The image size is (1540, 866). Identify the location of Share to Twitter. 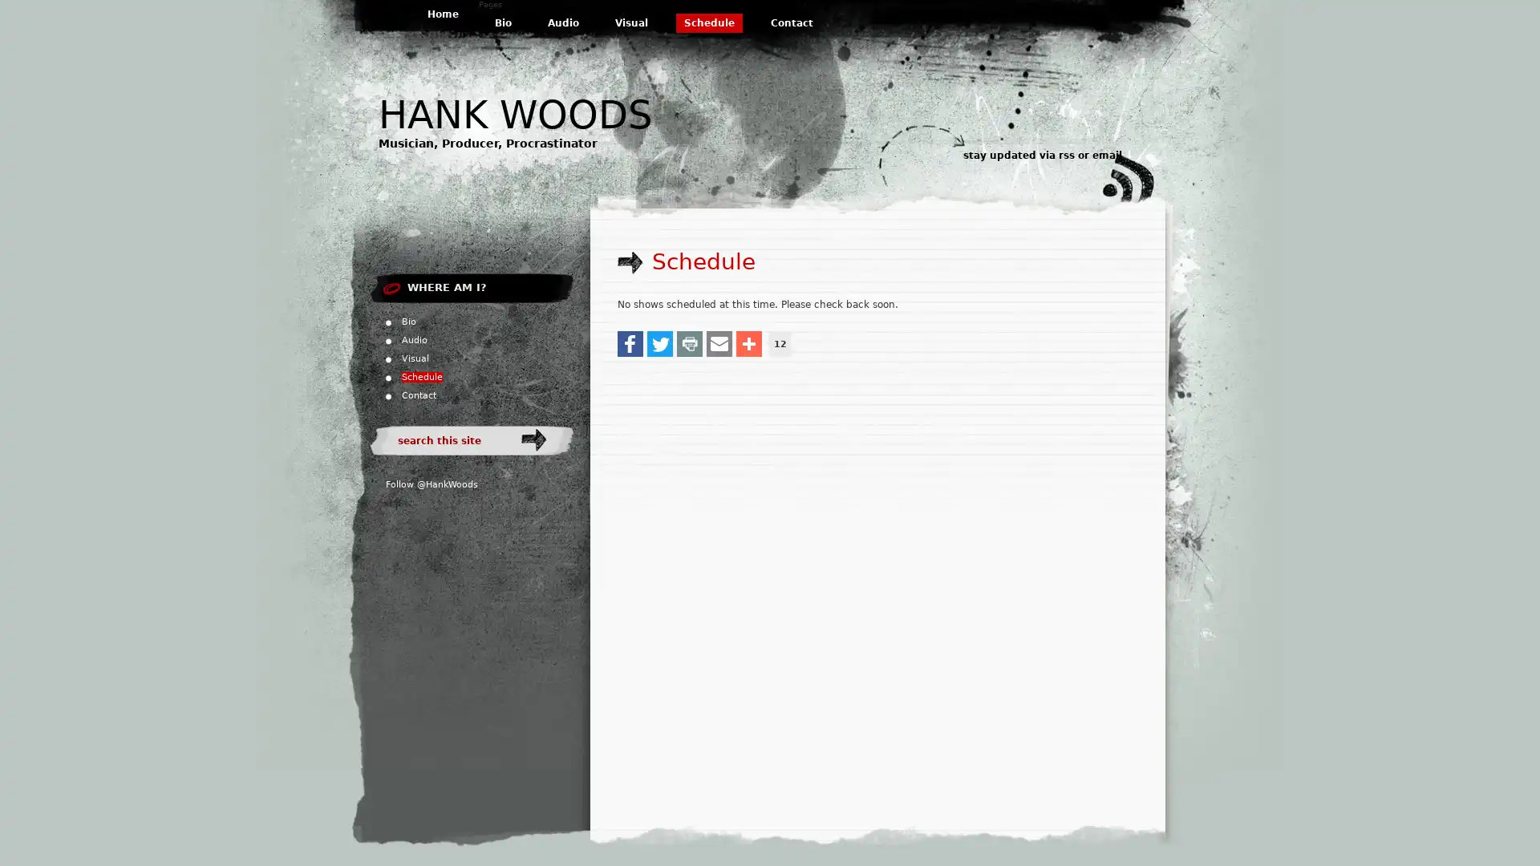
(659, 342).